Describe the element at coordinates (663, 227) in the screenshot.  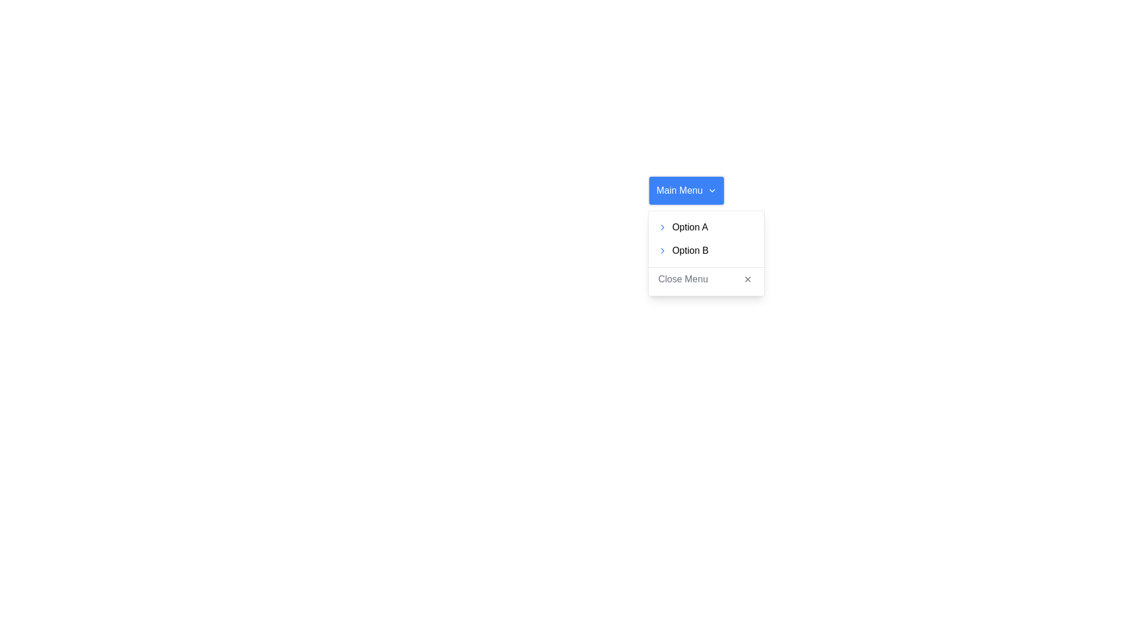
I see `the visual indicator icon located to the left of the 'Option A' menu item to interact with it` at that location.